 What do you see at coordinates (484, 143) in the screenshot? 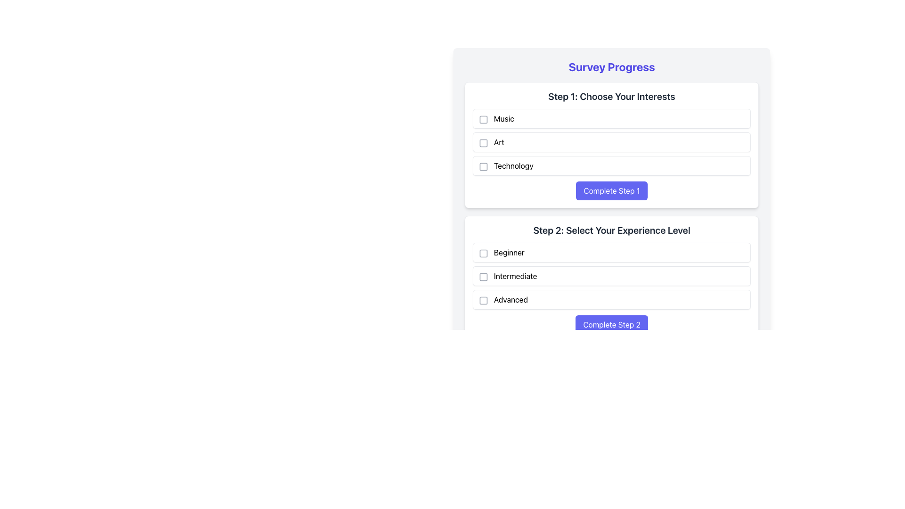
I see `the surrounding checkbox component of the rounded rectangle checkbox associated with the 'Art' option in the list titled 'Step 1: Choose Your Interests'` at bounding box center [484, 143].